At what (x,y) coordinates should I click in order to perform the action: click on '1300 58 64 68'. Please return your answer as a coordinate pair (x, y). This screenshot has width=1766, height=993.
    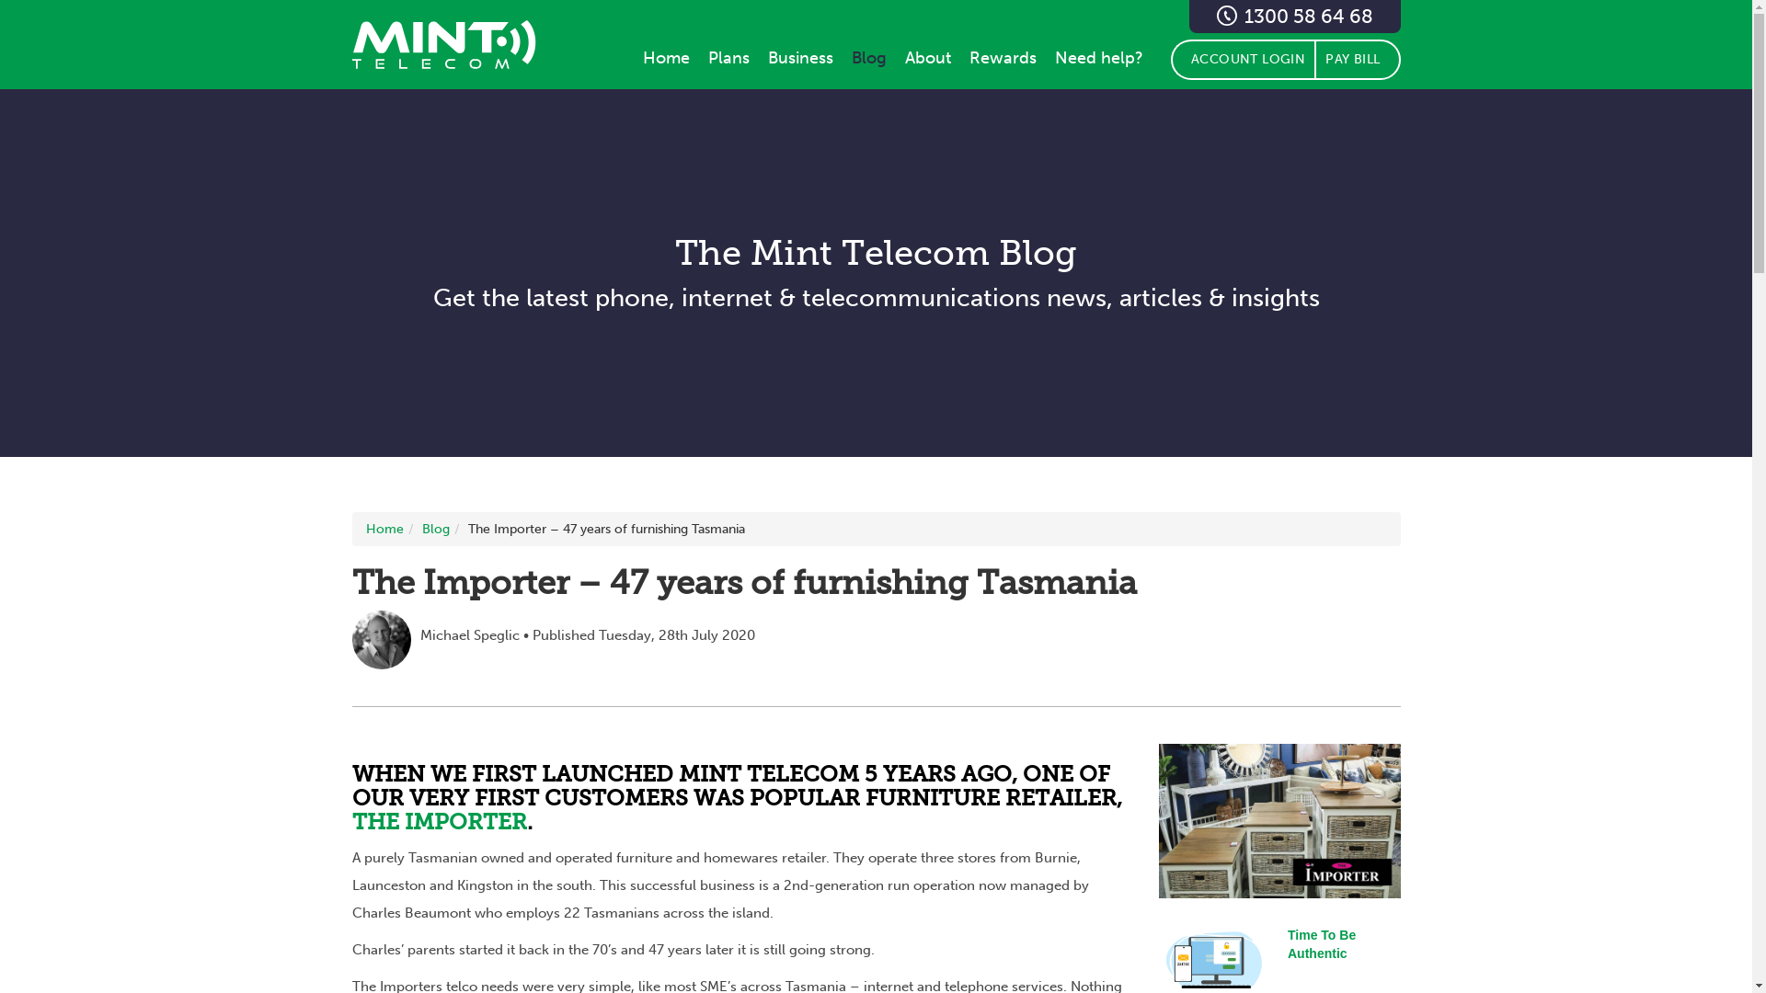
    Looking at the image, I should click on (1187, 17).